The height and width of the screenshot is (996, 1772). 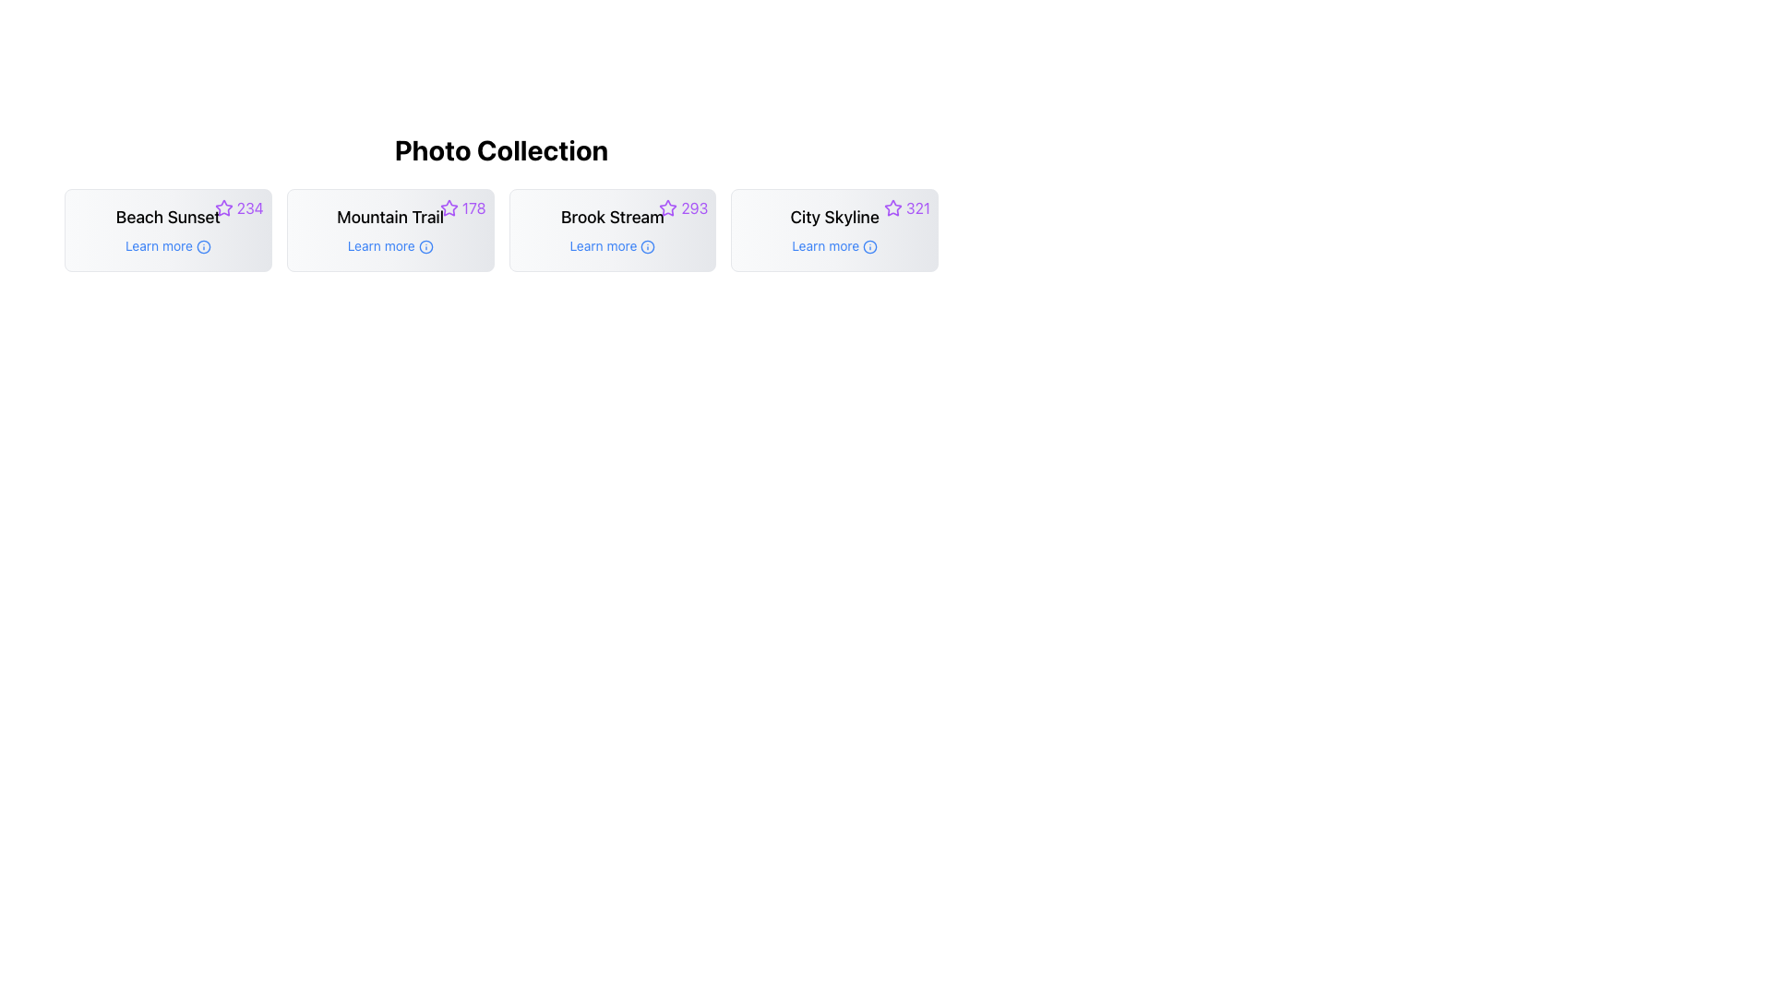 I want to click on the 'Learn more' hyperlink located below the 'City Skyline' title in the lower portion of the 'City Skyline' card, so click(x=833, y=244).